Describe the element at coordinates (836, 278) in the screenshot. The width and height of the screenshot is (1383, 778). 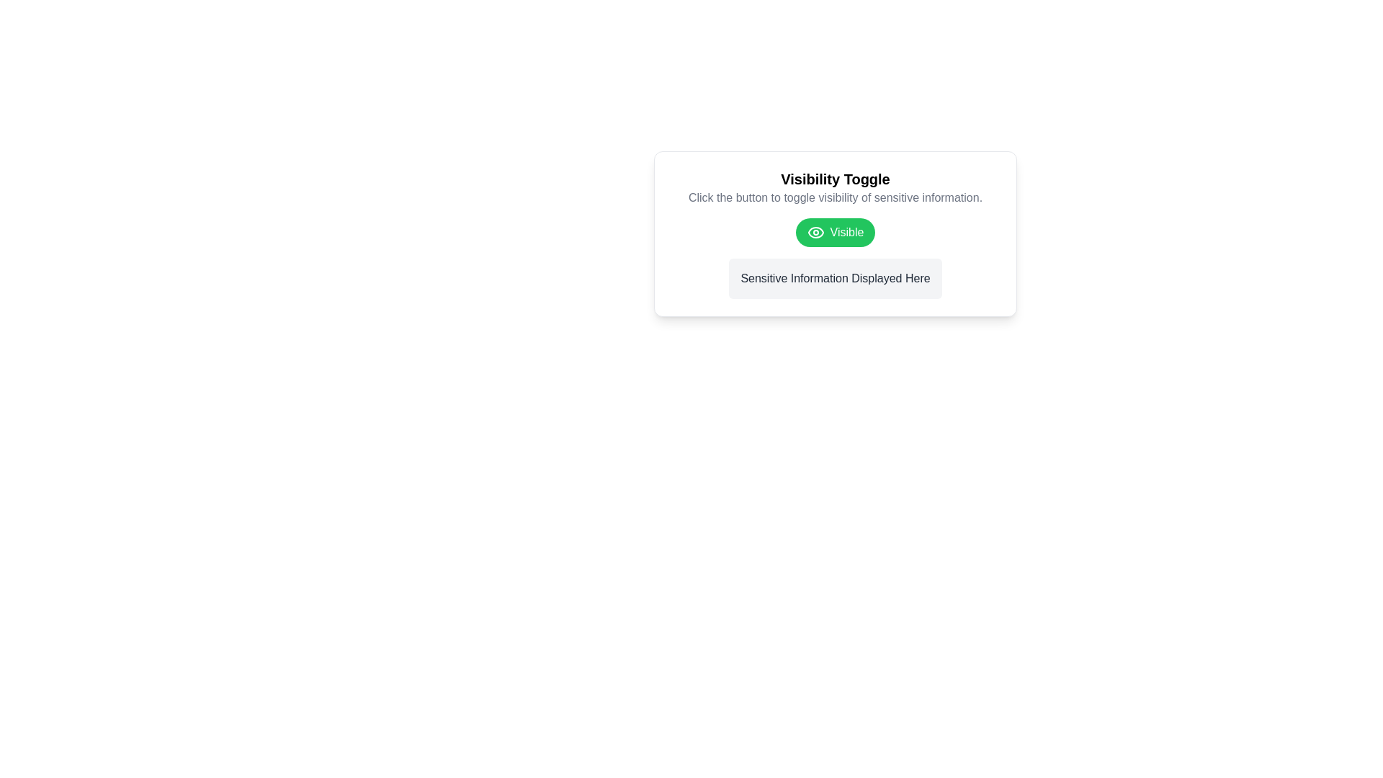
I see `the area displaying the sensitive information and read its content` at that location.